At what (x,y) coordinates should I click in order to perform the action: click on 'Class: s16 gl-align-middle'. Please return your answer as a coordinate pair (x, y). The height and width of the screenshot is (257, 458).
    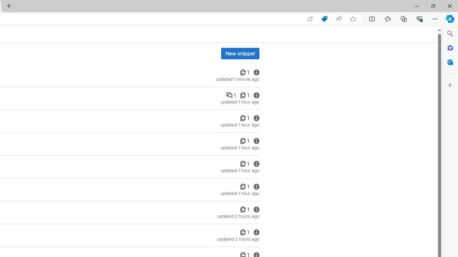
    Looking at the image, I should click on (243, 232).